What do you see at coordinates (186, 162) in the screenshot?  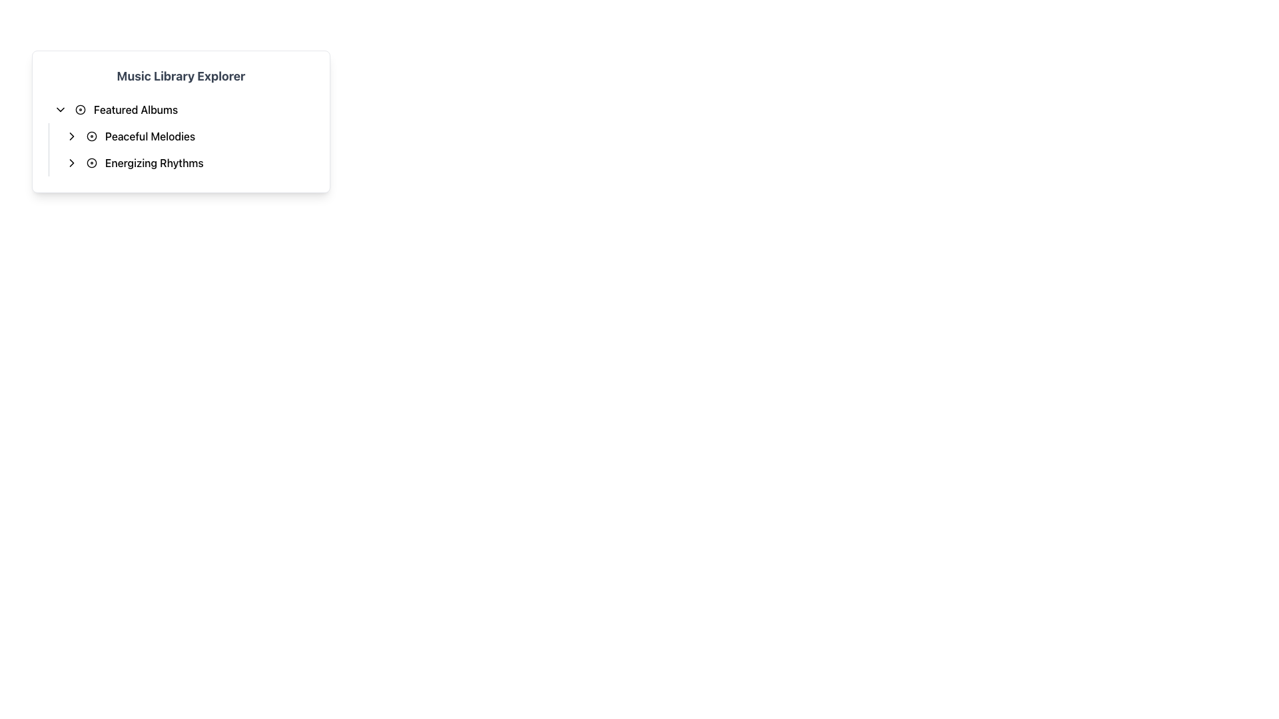 I see `the second list item under 'Peaceful Melodies'` at bounding box center [186, 162].